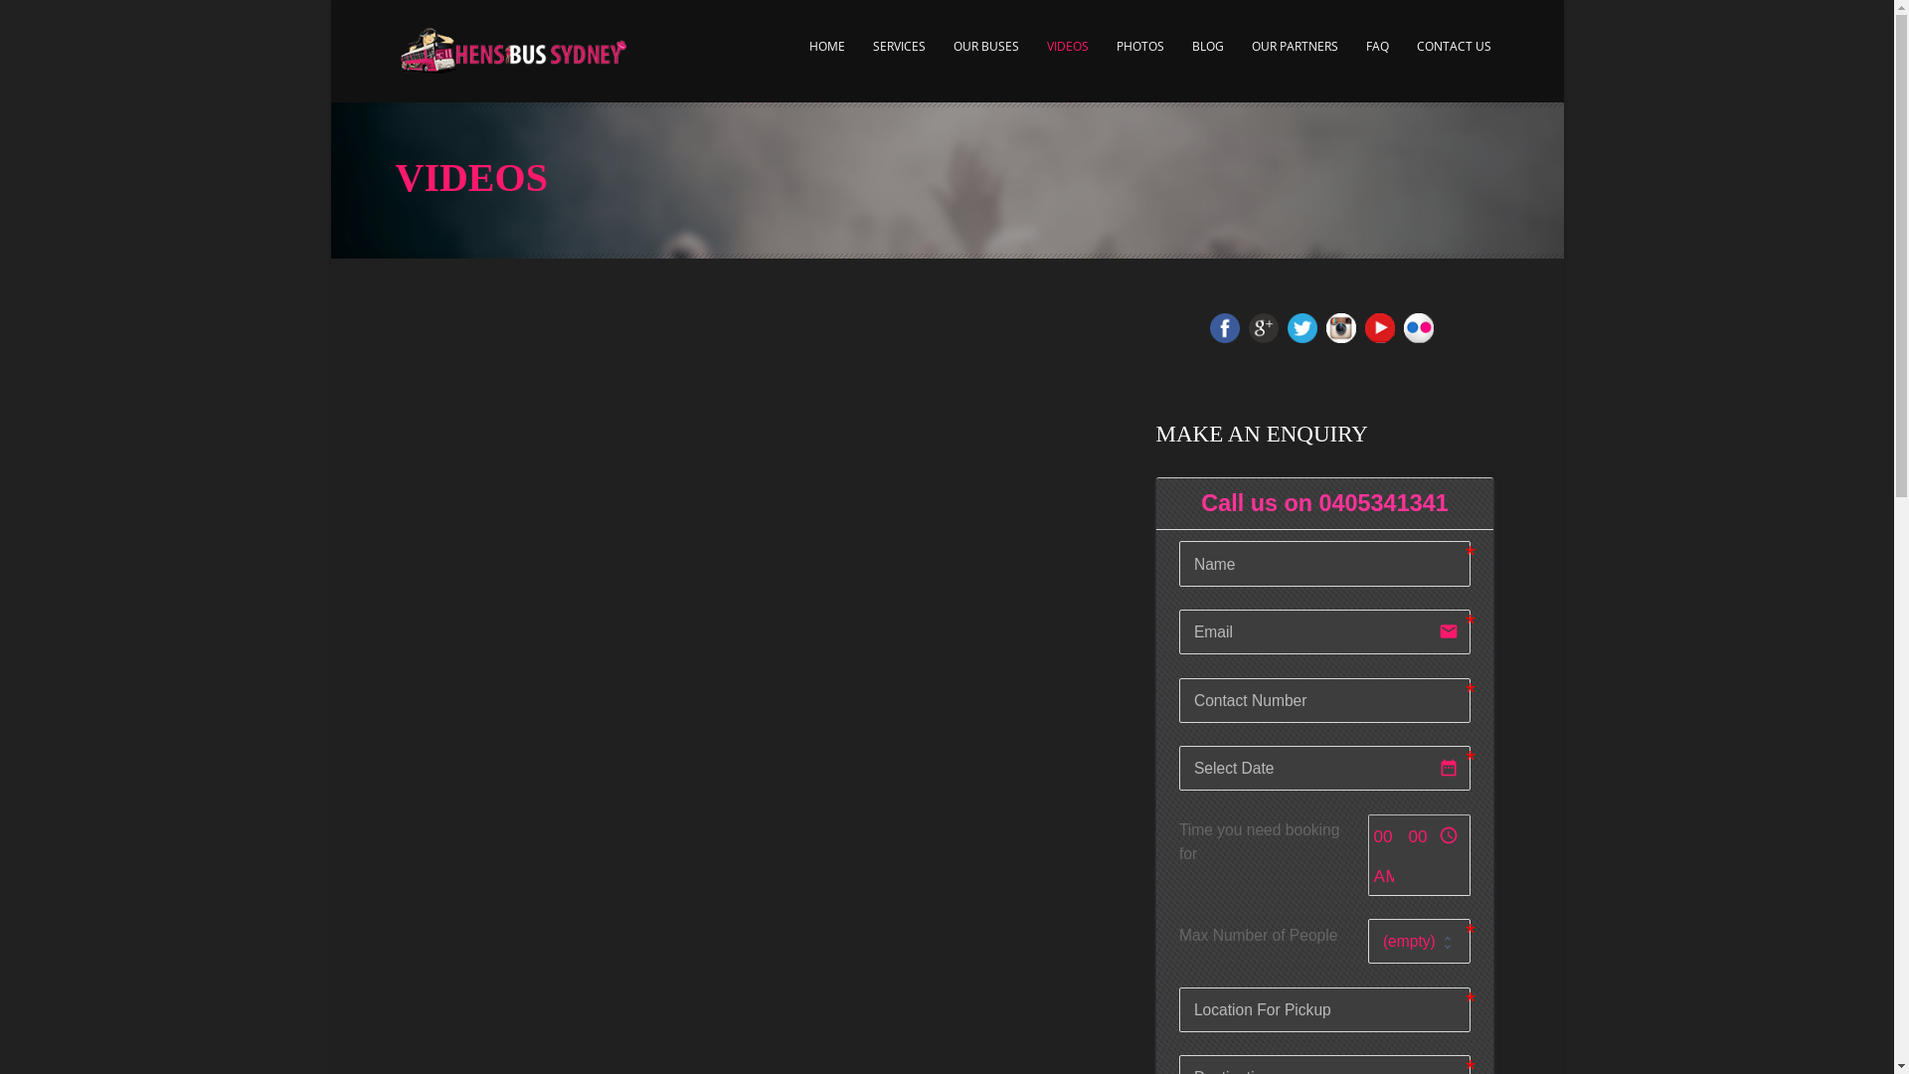  I want to click on 'HOME', so click(825, 56).